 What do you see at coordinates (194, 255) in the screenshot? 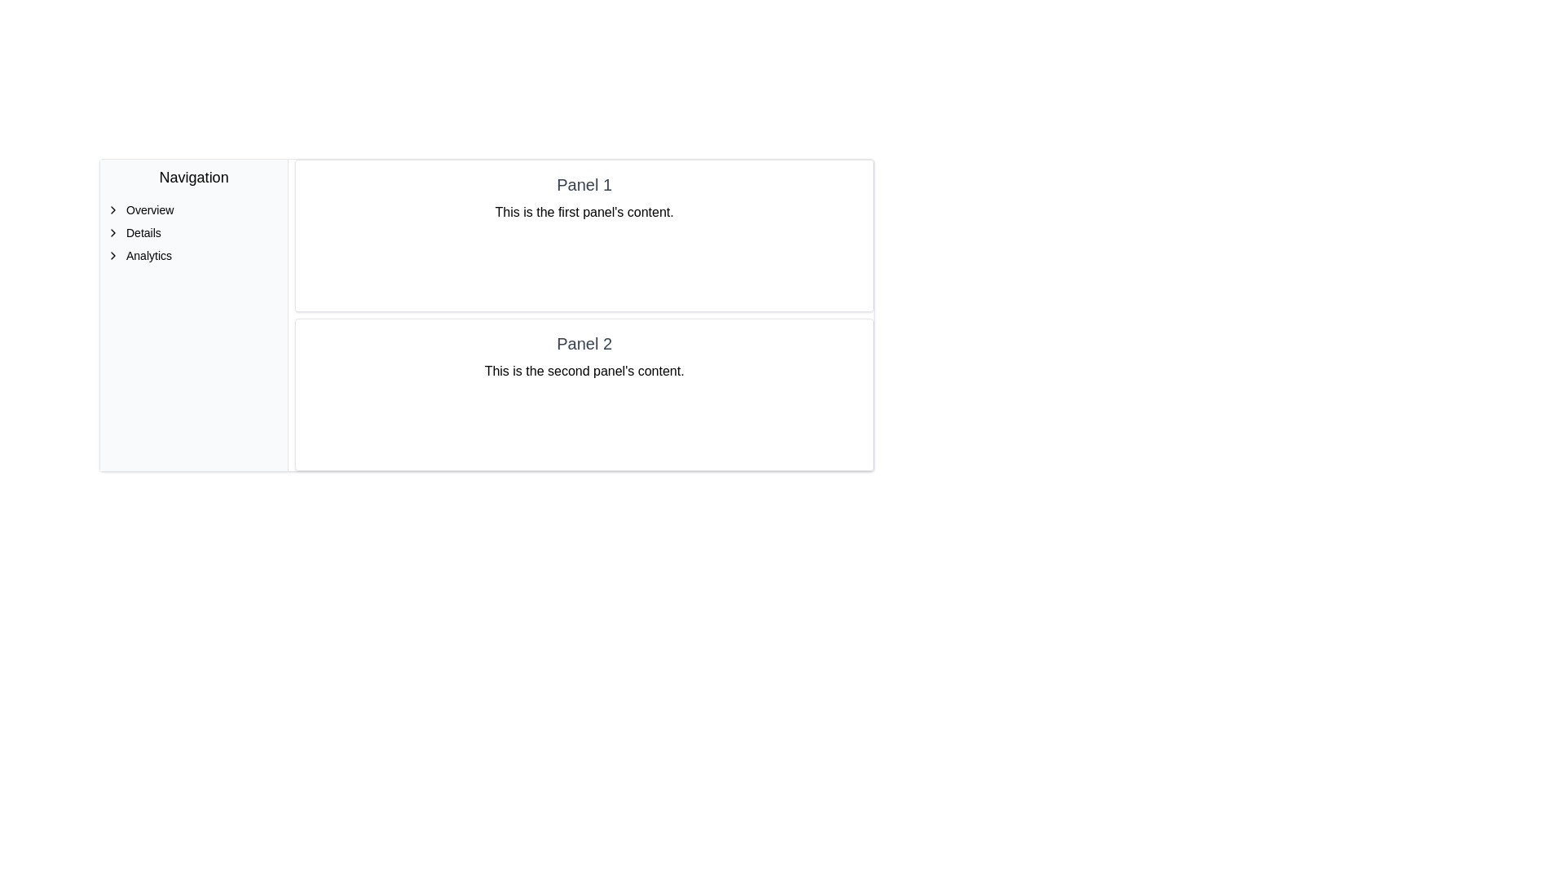
I see `the 'Analytics' navigational button` at bounding box center [194, 255].